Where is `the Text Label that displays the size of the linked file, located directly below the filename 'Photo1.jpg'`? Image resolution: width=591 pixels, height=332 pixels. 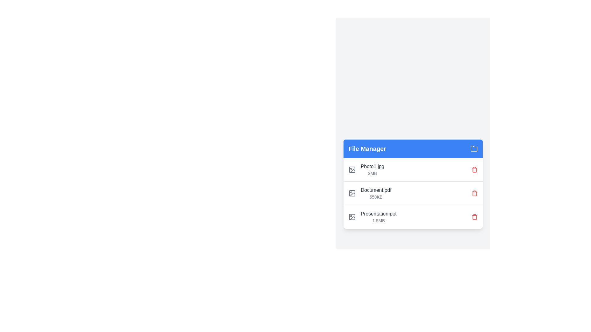
the Text Label that displays the size of the linked file, located directly below the filename 'Photo1.jpg' is located at coordinates (372, 173).